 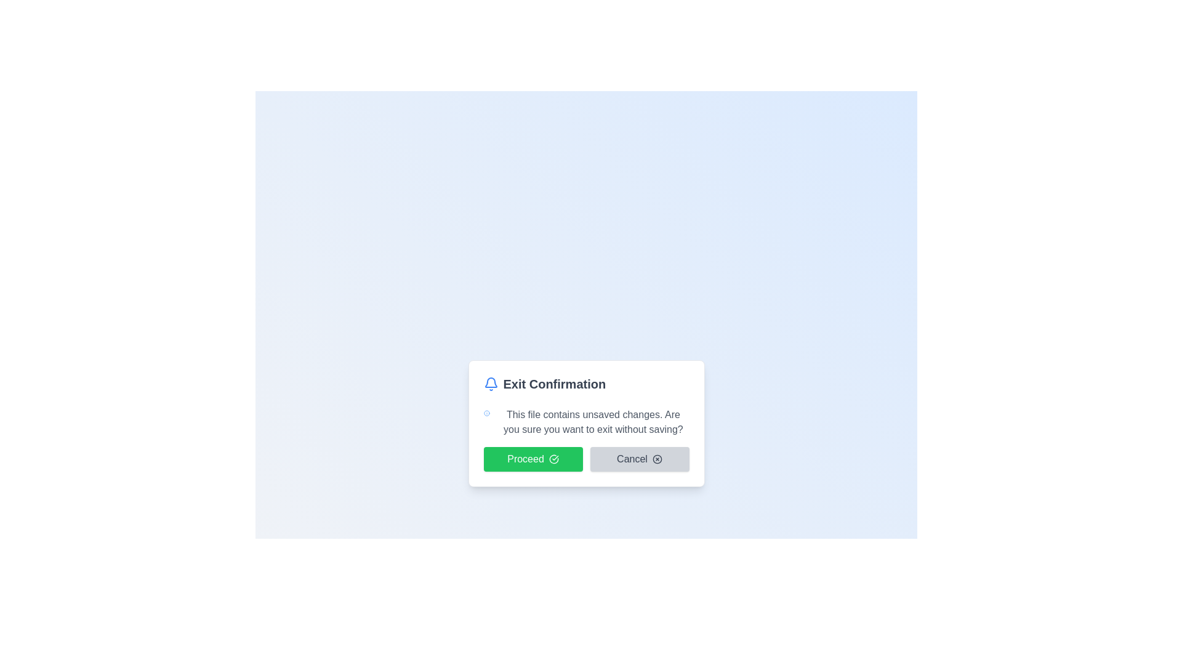 I want to click on the header section with the text 'Exit Confirmation' prominently styled in bold, located next to a blue bell icon within a modal dialog, so click(x=585, y=384).